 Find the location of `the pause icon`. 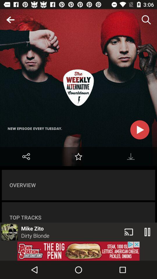

the pause icon is located at coordinates (147, 232).